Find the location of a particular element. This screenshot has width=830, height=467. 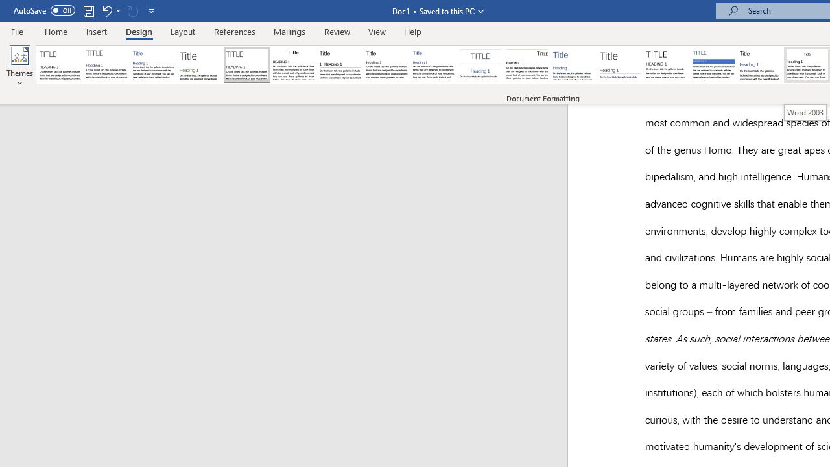

'Undo Apply Quick Style Set' is located at coordinates (110, 10).